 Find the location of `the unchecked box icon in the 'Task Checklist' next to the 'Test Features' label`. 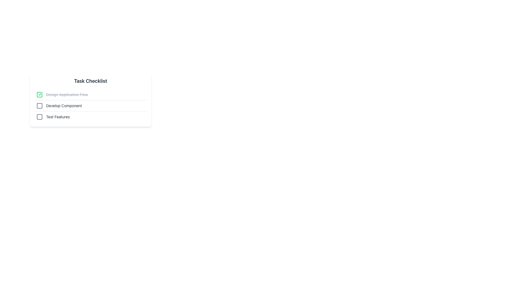

the unchecked box icon in the 'Task Checklist' next to the 'Test Features' label is located at coordinates (39, 117).